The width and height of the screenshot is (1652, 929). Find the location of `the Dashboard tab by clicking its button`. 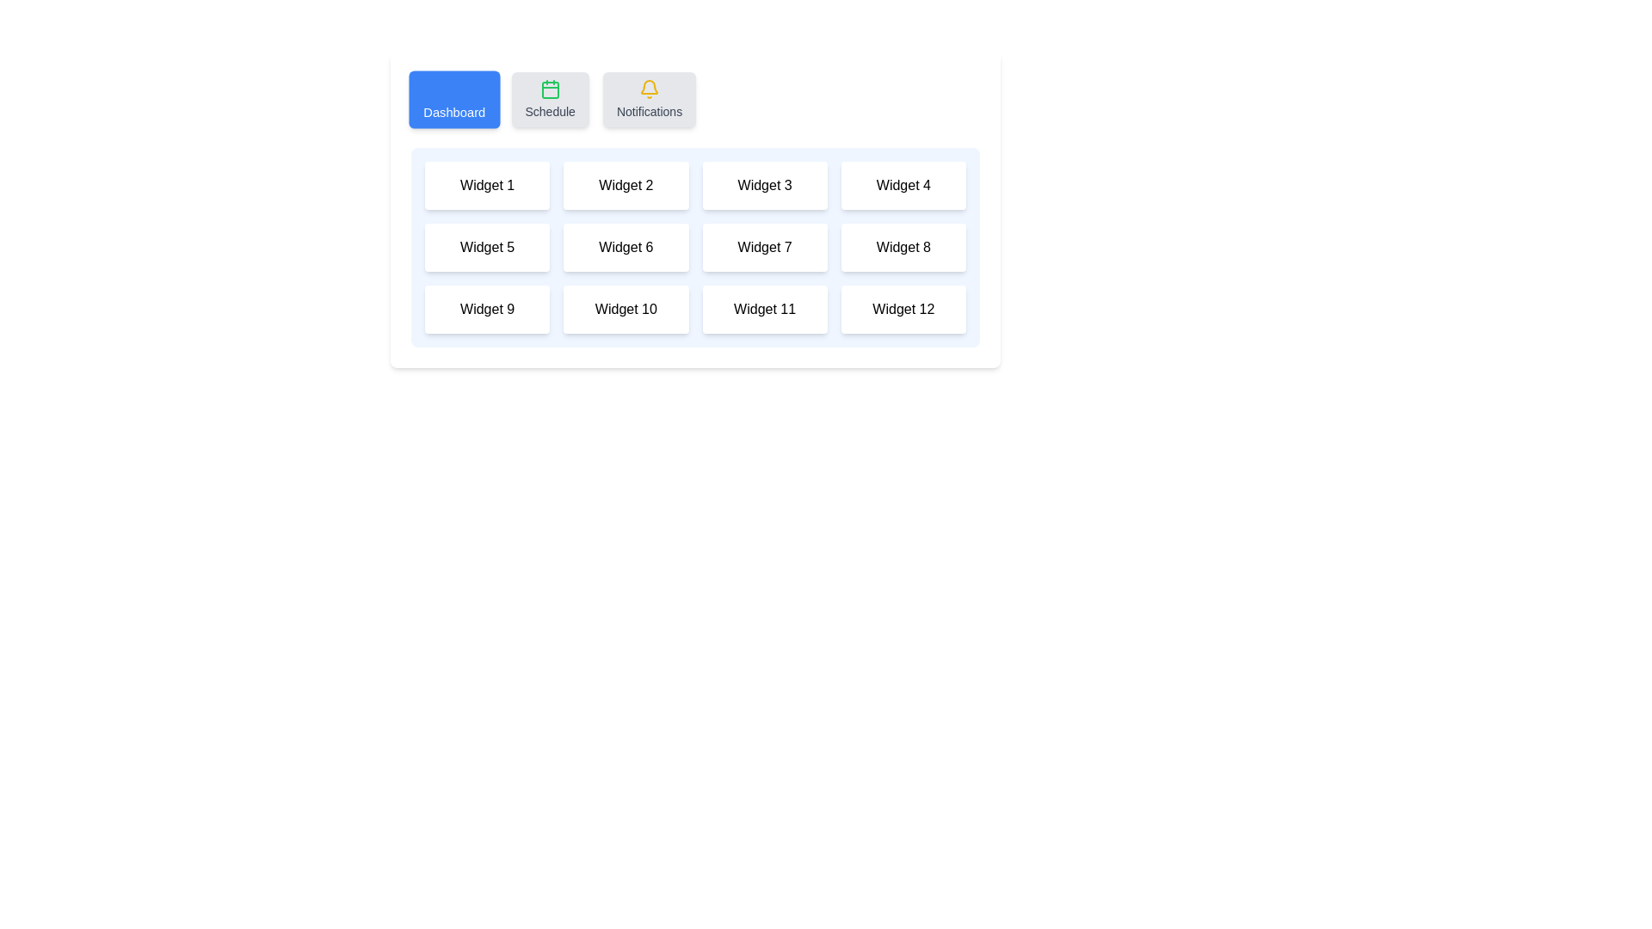

the Dashboard tab by clicking its button is located at coordinates (454, 99).